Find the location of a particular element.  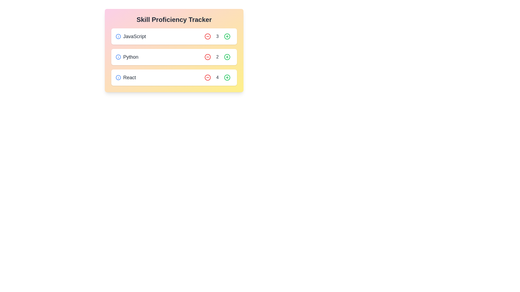

the information icon for the skill Python is located at coordinates (118, 57).